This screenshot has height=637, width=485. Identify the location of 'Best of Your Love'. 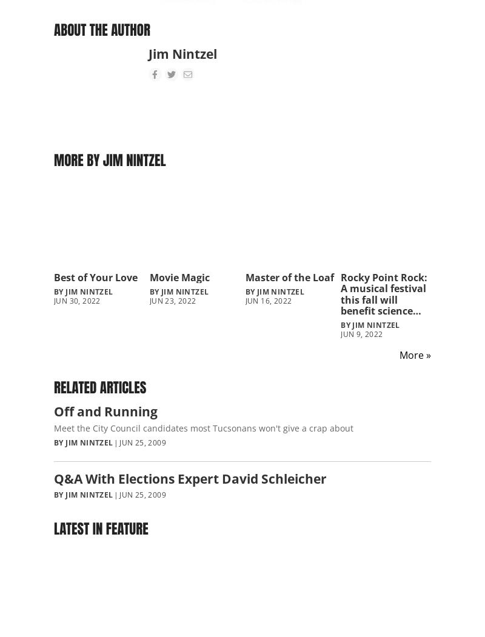
(96, 276).